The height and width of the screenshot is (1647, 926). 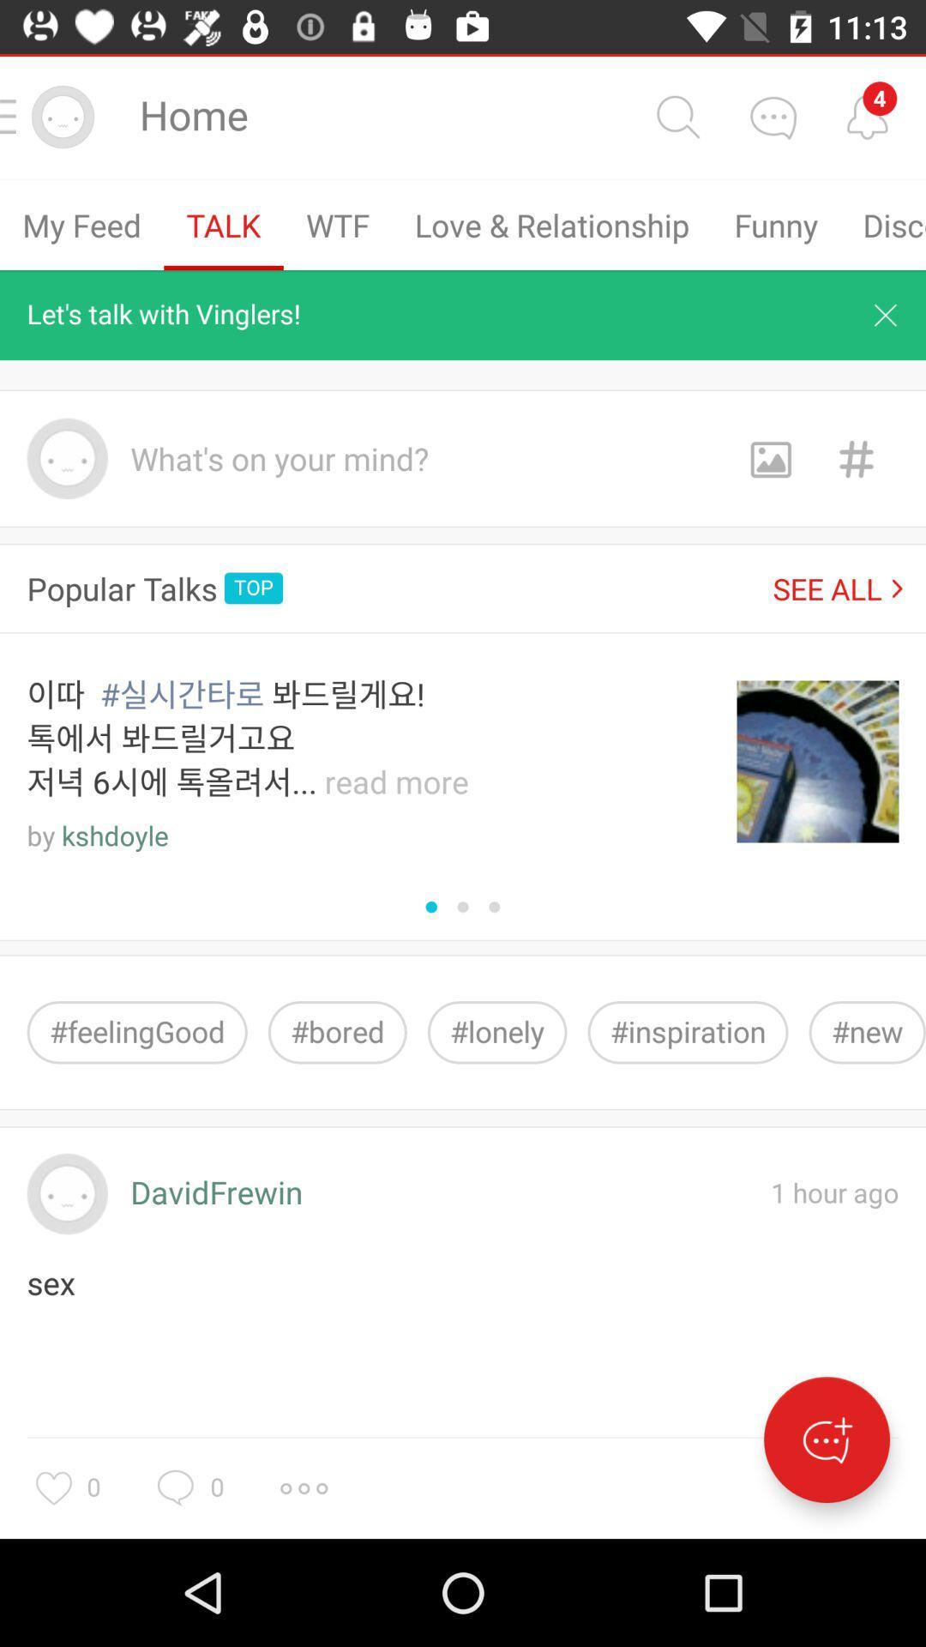 What do you see at coordinates (215, 1193) in the screenshot?
I see `icon to the left of 1 hour ago icon` at bounding box center [215, 1193].